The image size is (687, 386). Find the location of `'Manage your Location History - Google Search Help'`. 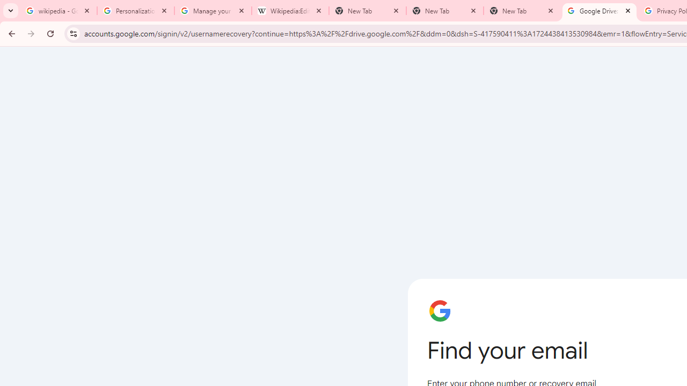

'Manage your Location History - Google Search Help' is located at coordinates (213, 11).